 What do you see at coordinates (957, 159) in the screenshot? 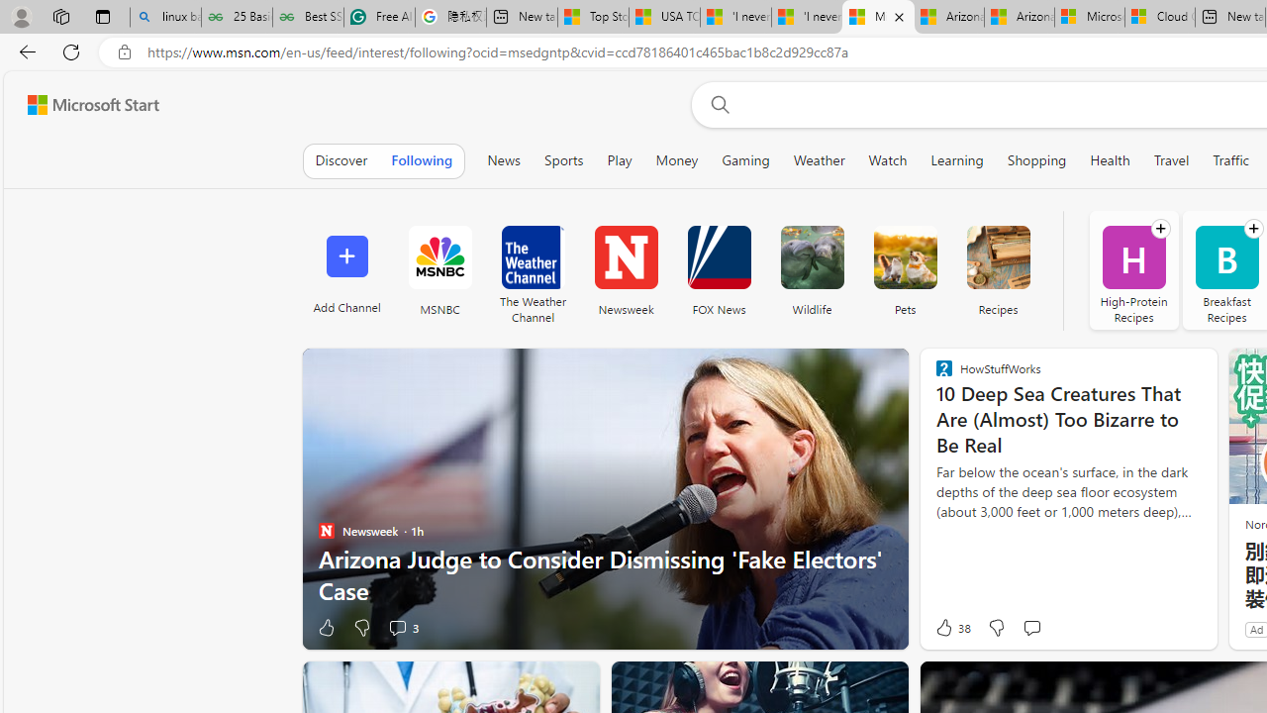
I see `'Learning'` at bounding box center [957, 159].